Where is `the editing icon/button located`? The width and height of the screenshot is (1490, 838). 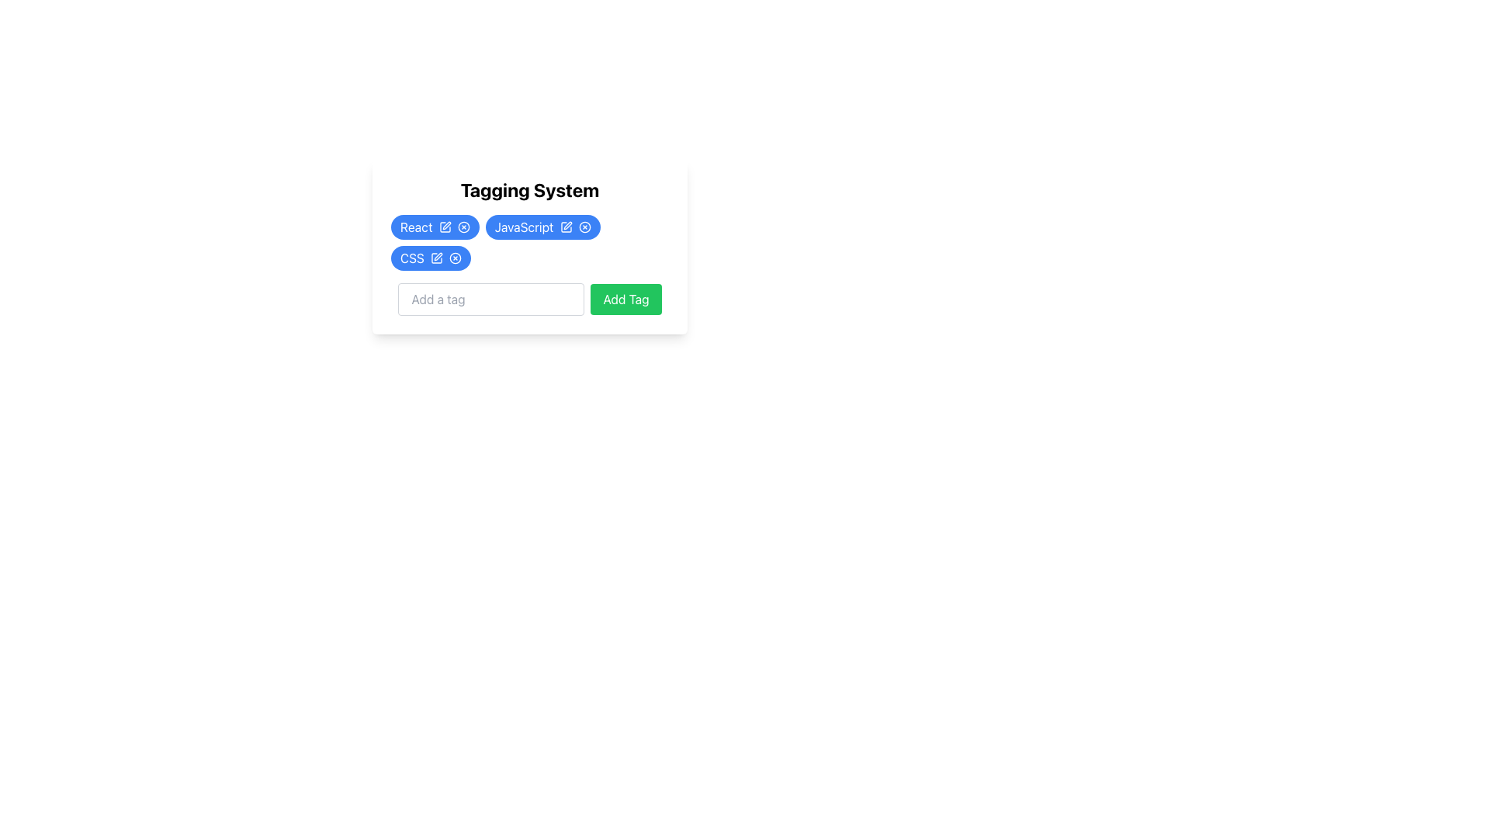 the editing icon/button located is located at coordinates (565, 227).